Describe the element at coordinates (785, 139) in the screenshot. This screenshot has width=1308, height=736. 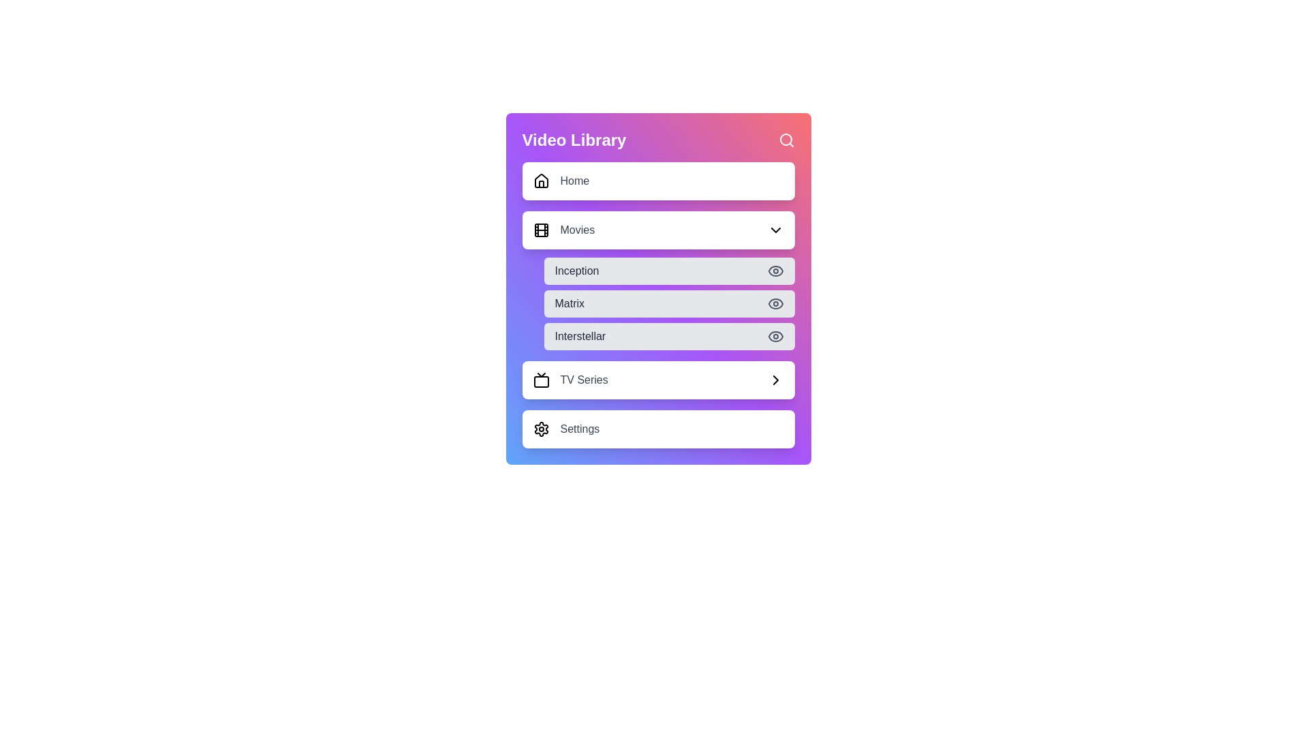
I see `the SVG Circle that represents the circular part of the magnifying glass icon, indicating the search functionality` at that location.